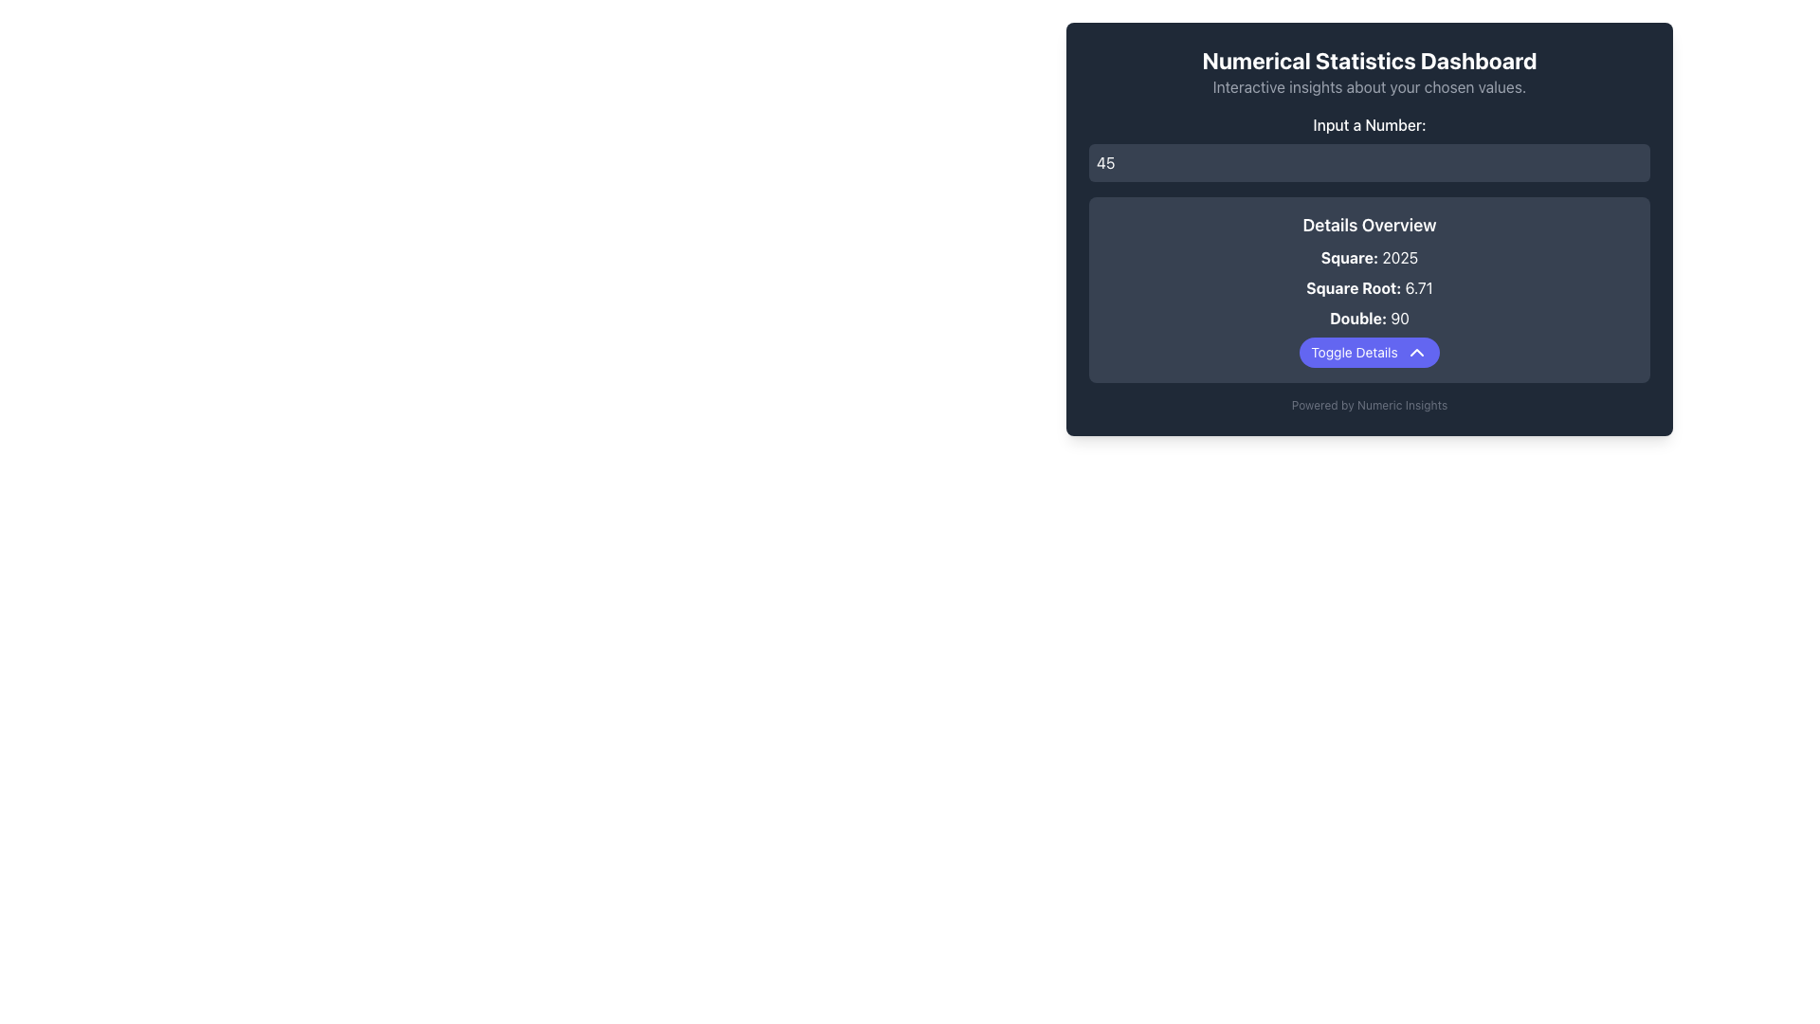 This screenshot has height=1024, width=1820. Describe the element at coordinates (1369, 317) in the screenshot. I see `the Label that displays the result of the doubled value, located in the 'Details Overview' panel beneath 'Square Root: 6.71' and above 'Toggle Details'` at that location.